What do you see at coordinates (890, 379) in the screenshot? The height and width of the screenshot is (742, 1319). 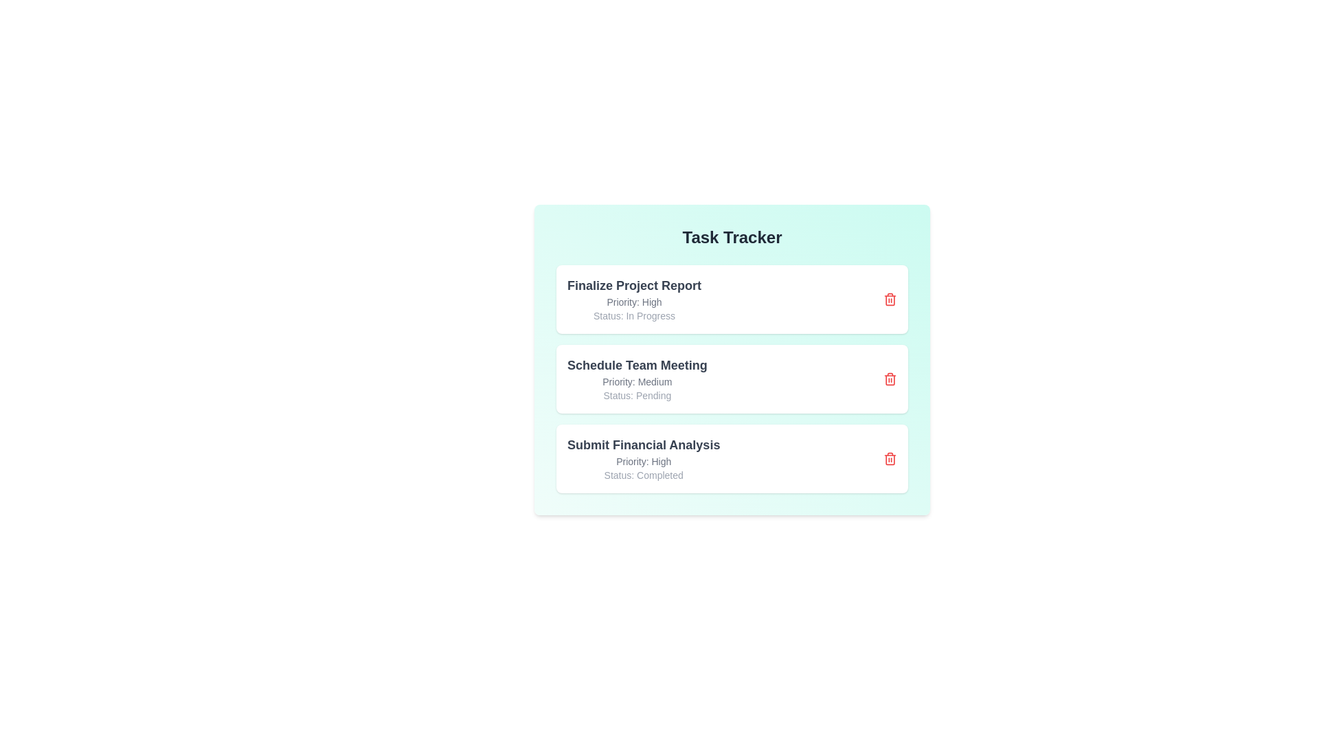 I see `delete button for the task titled 'Schedule Team Meeting'` at bounding box center [890, 379].